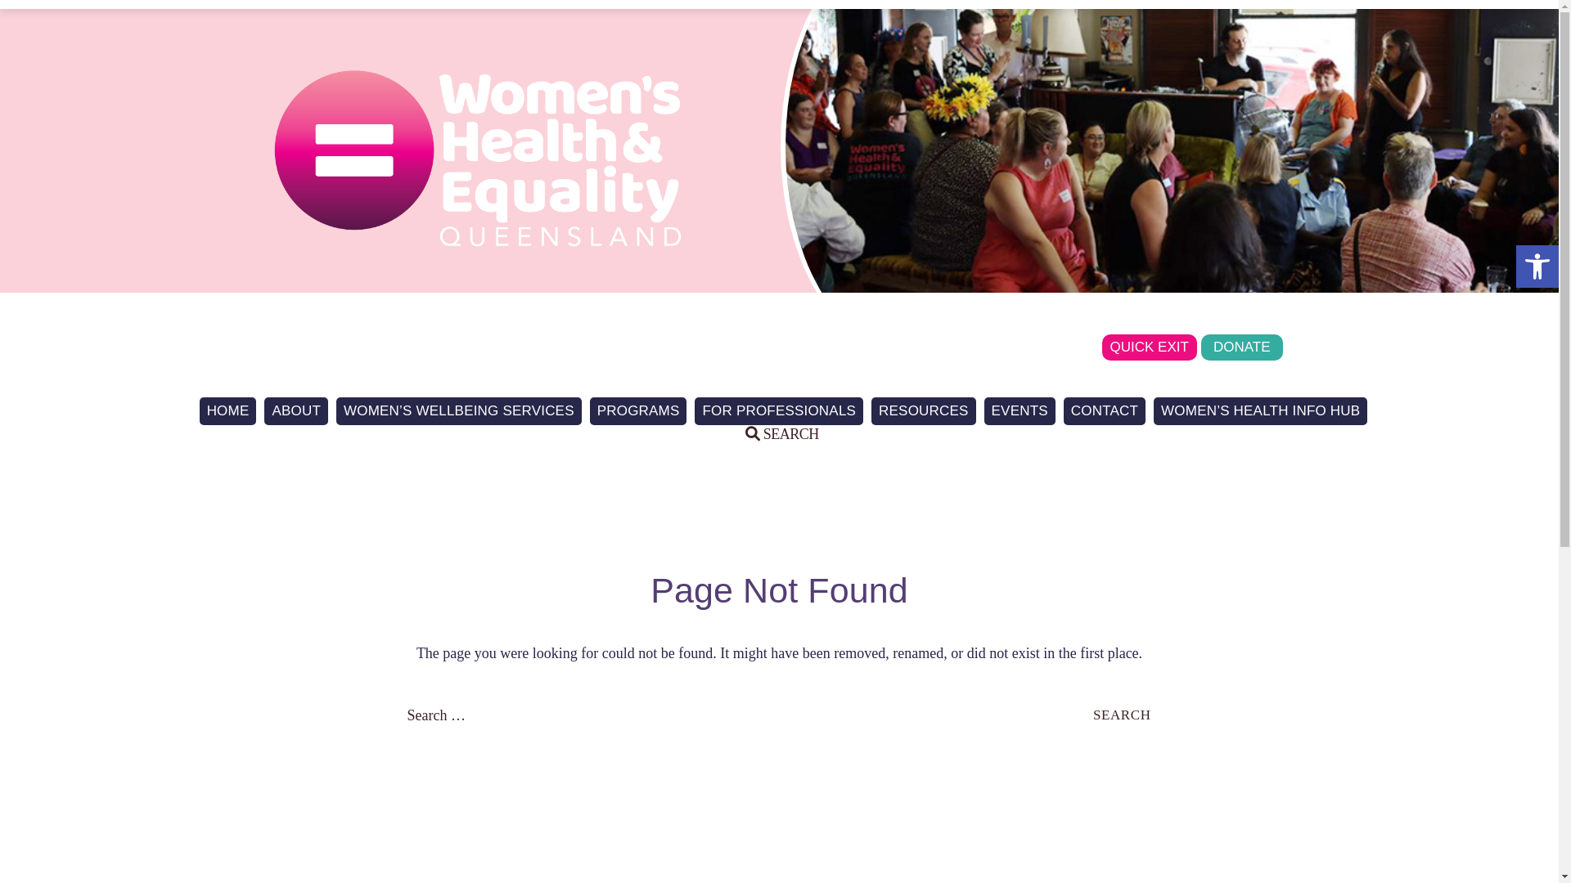 The height and width of the screenshot is (883, 1571). I want to click on 'EVENTS', so click(1019, 410).